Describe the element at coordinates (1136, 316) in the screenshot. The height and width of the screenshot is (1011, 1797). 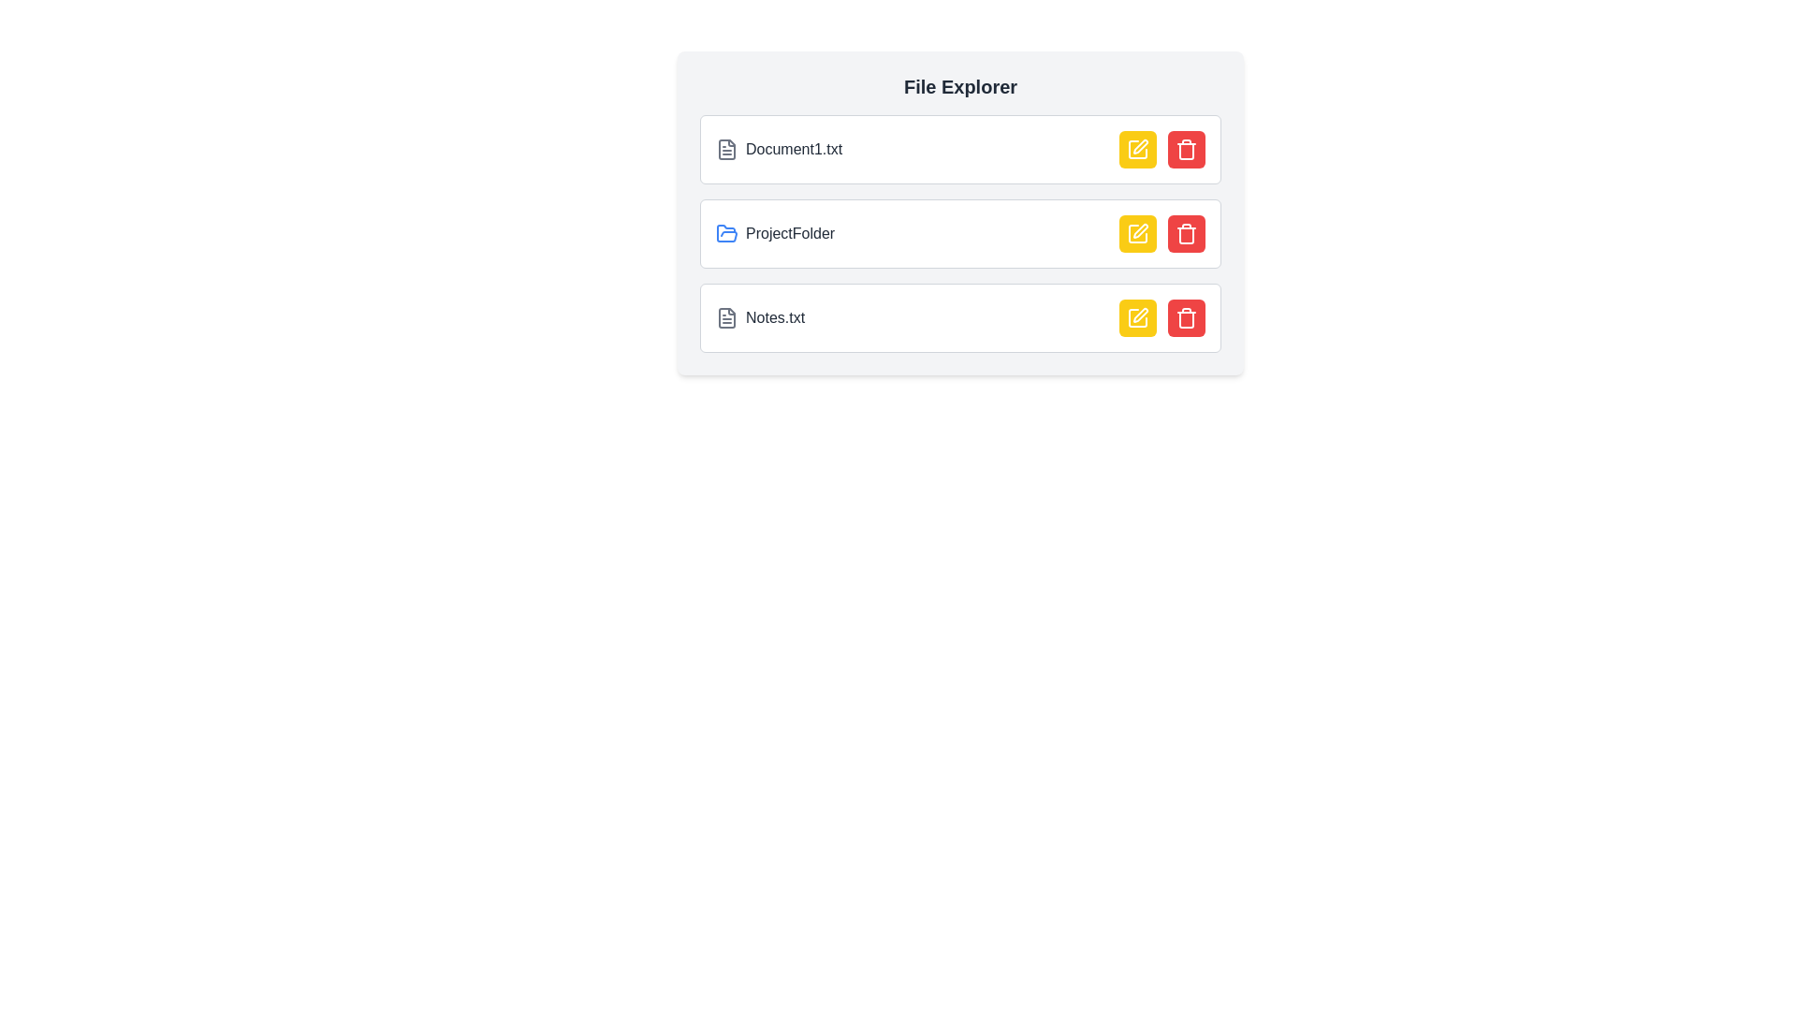
I see `the yellow button with a white edit pencil icon in the file explorer interface associated with 'Notes.txt'` at that location.